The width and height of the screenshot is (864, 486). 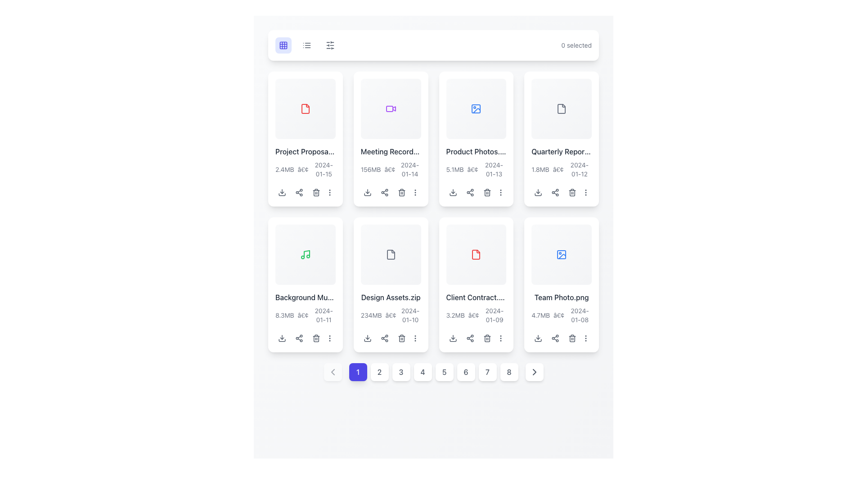 I want to click on the hyperlink-like element for 'Quarterly Report.xlsx' located in the top-right of the card layout, so click(x=561, y=162).